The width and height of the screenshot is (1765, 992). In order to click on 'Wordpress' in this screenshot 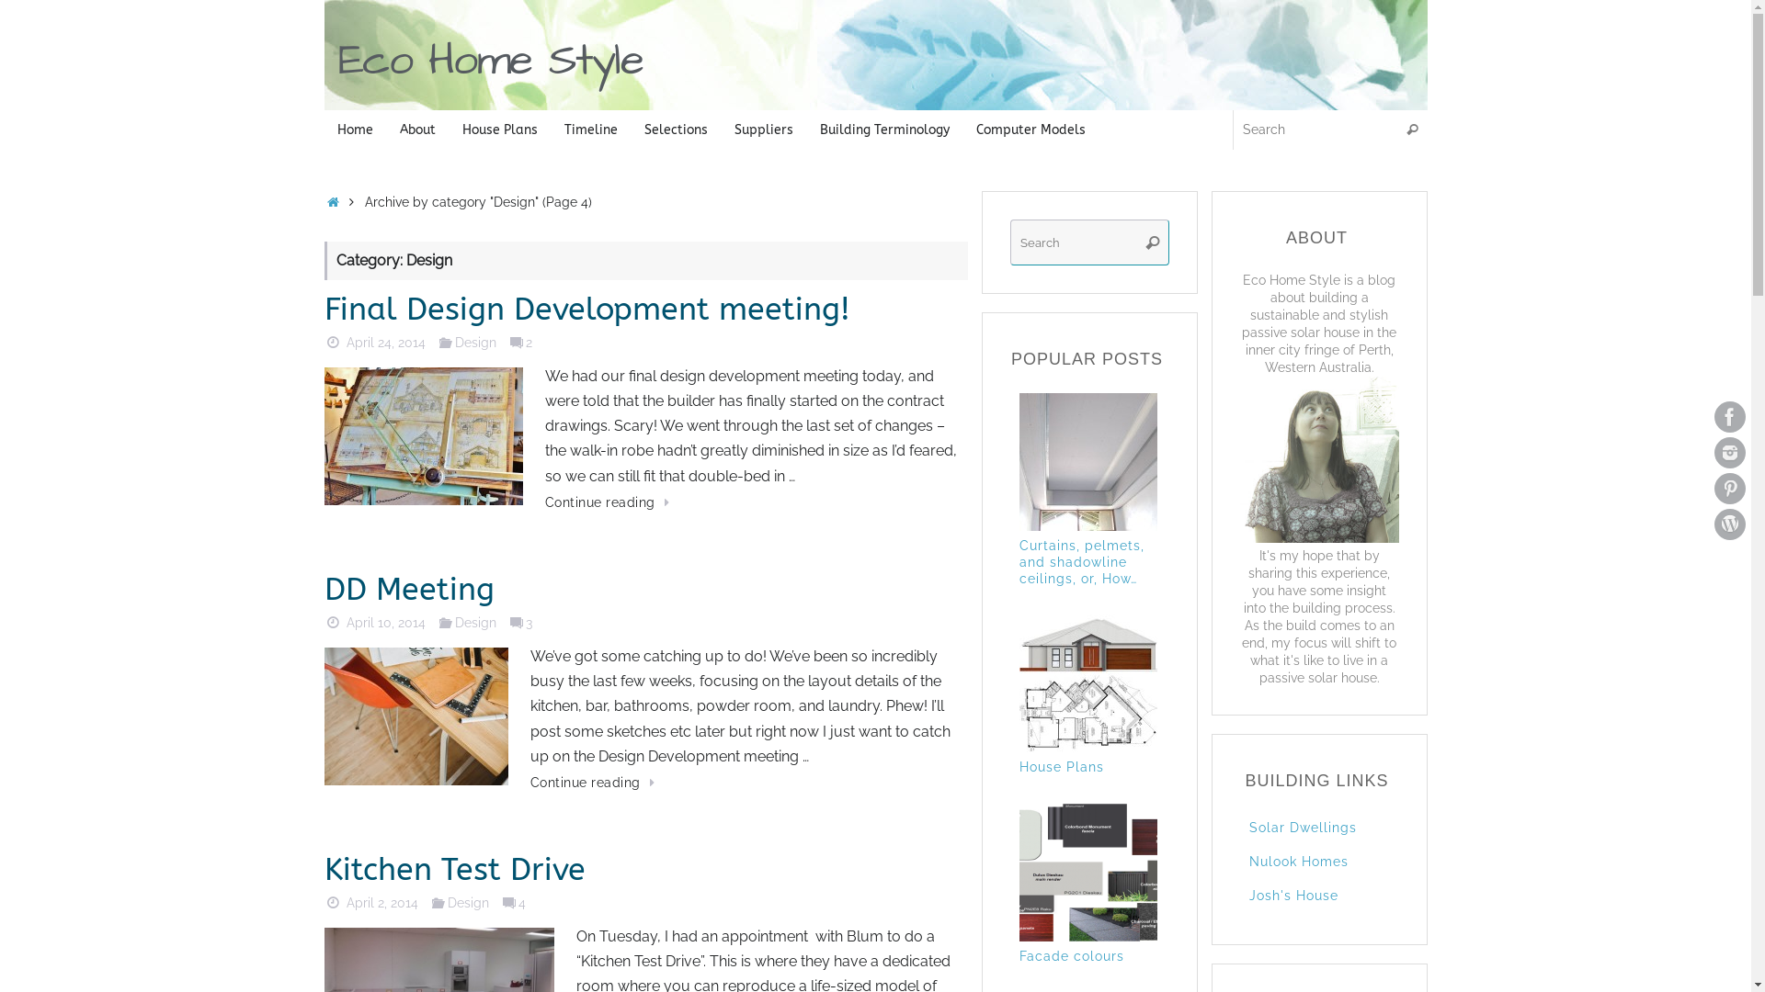, I will do `click(1728, 524)`.